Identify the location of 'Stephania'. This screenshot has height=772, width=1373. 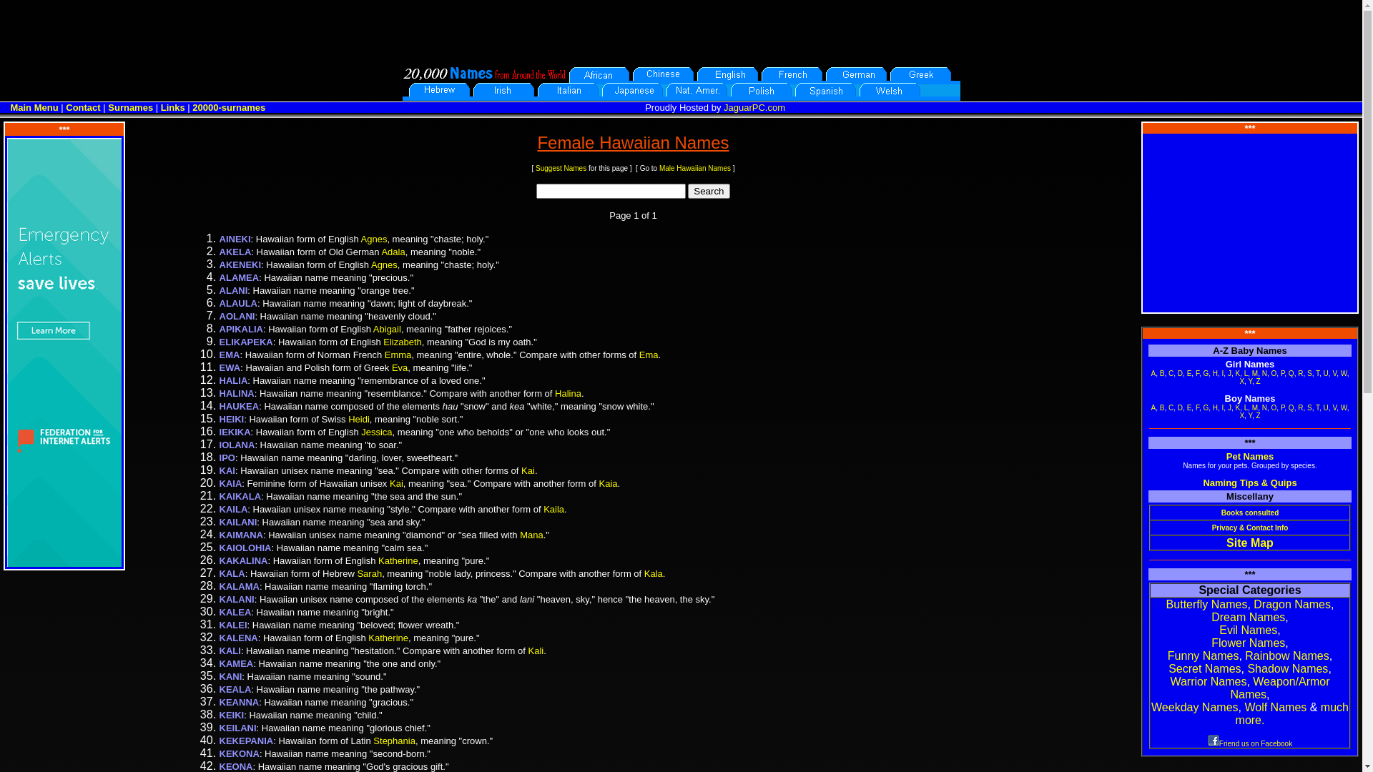
(373, 740).